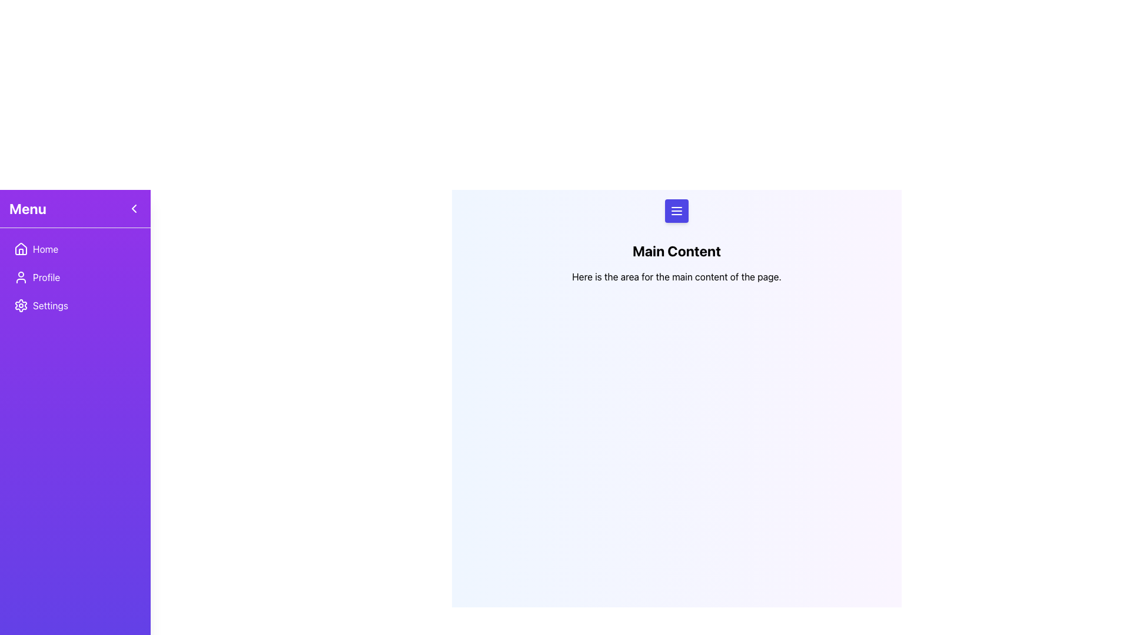 Image resolution: width=1130 pixels, height=635 pixels. I want to click on the 'Settings' menu item in the sidebar, so click(75, 305).